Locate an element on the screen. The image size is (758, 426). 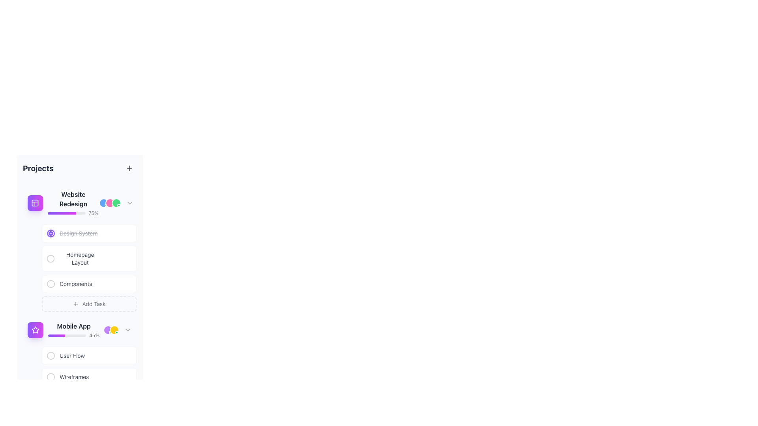
the text item representing a task or subcategory within the 'Website Redesign' project in the left sidebar is located at coordinates (69, 284).